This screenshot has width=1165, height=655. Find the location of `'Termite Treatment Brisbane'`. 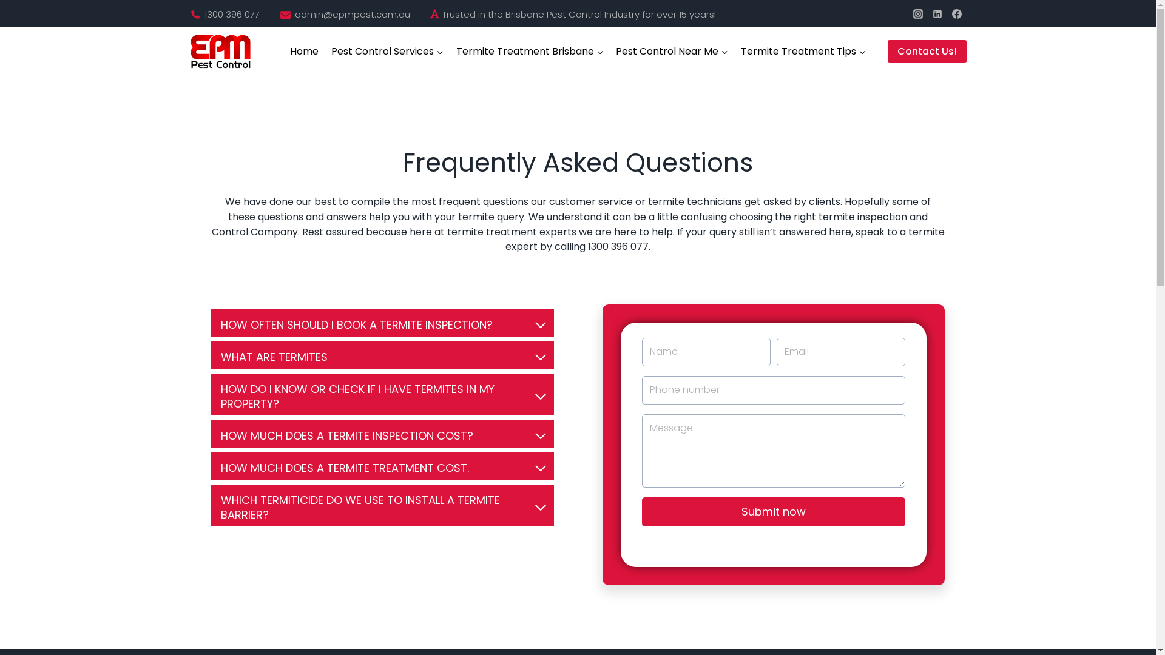

'Termite Treatment Brisbane' is located at coordinates (530, 51).